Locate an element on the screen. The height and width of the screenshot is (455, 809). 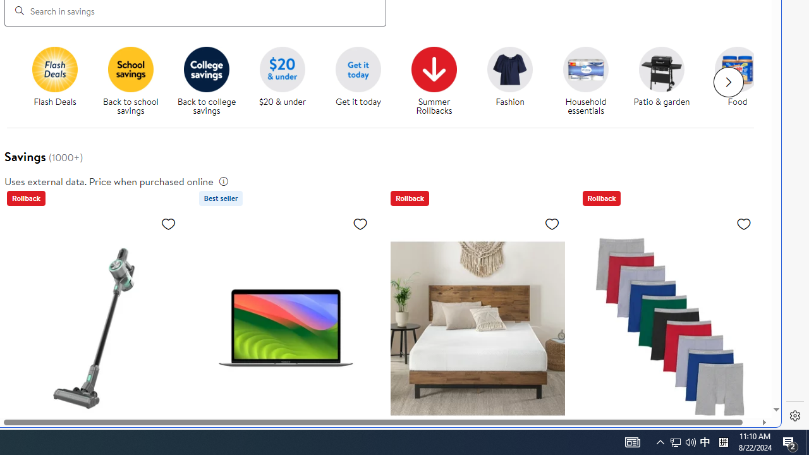
'Household essentials' is located at coordinates (585, 69).